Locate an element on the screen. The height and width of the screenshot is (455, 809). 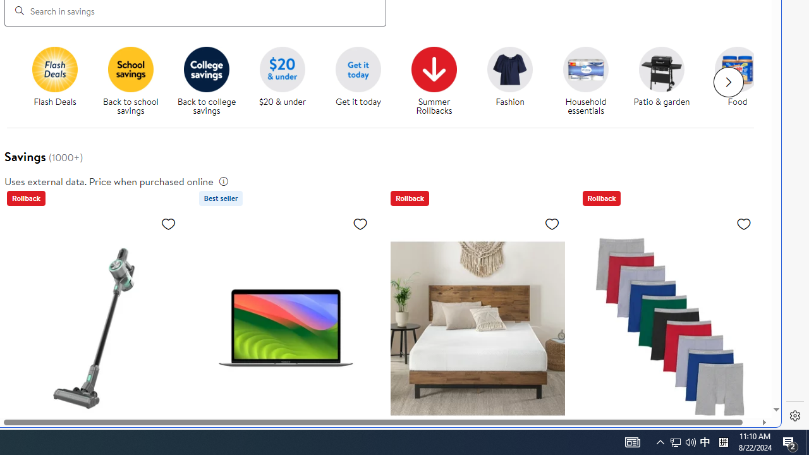
'Household essentials' is located at coordinates (585, 69).